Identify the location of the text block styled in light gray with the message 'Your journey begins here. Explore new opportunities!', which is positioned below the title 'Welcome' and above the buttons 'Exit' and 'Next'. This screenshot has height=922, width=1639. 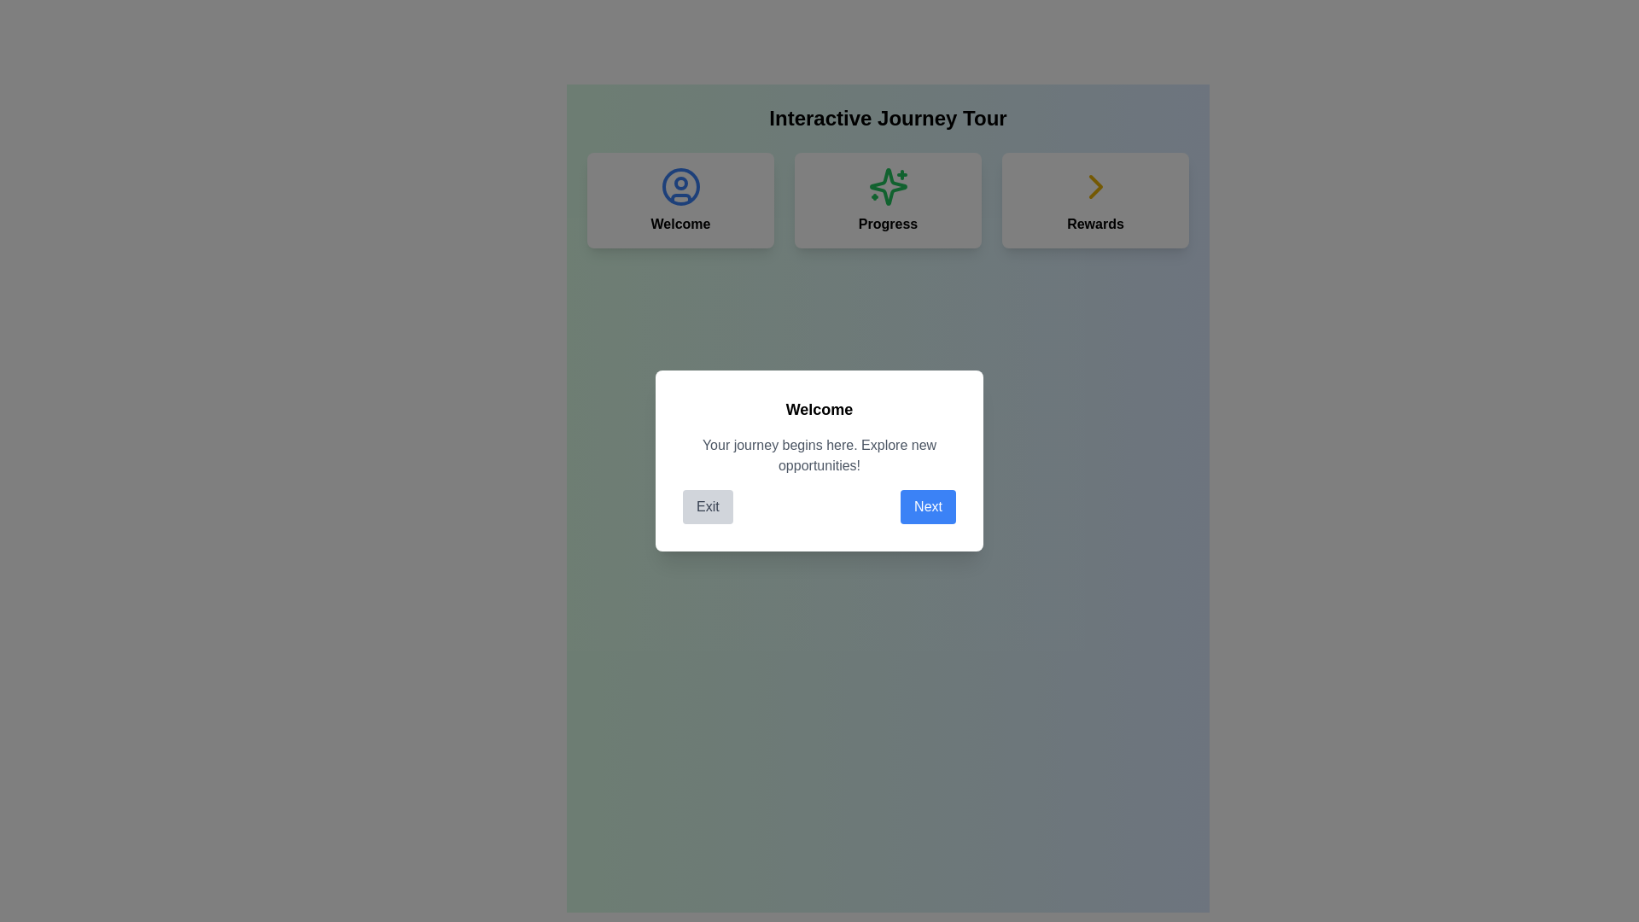
(819, 454).